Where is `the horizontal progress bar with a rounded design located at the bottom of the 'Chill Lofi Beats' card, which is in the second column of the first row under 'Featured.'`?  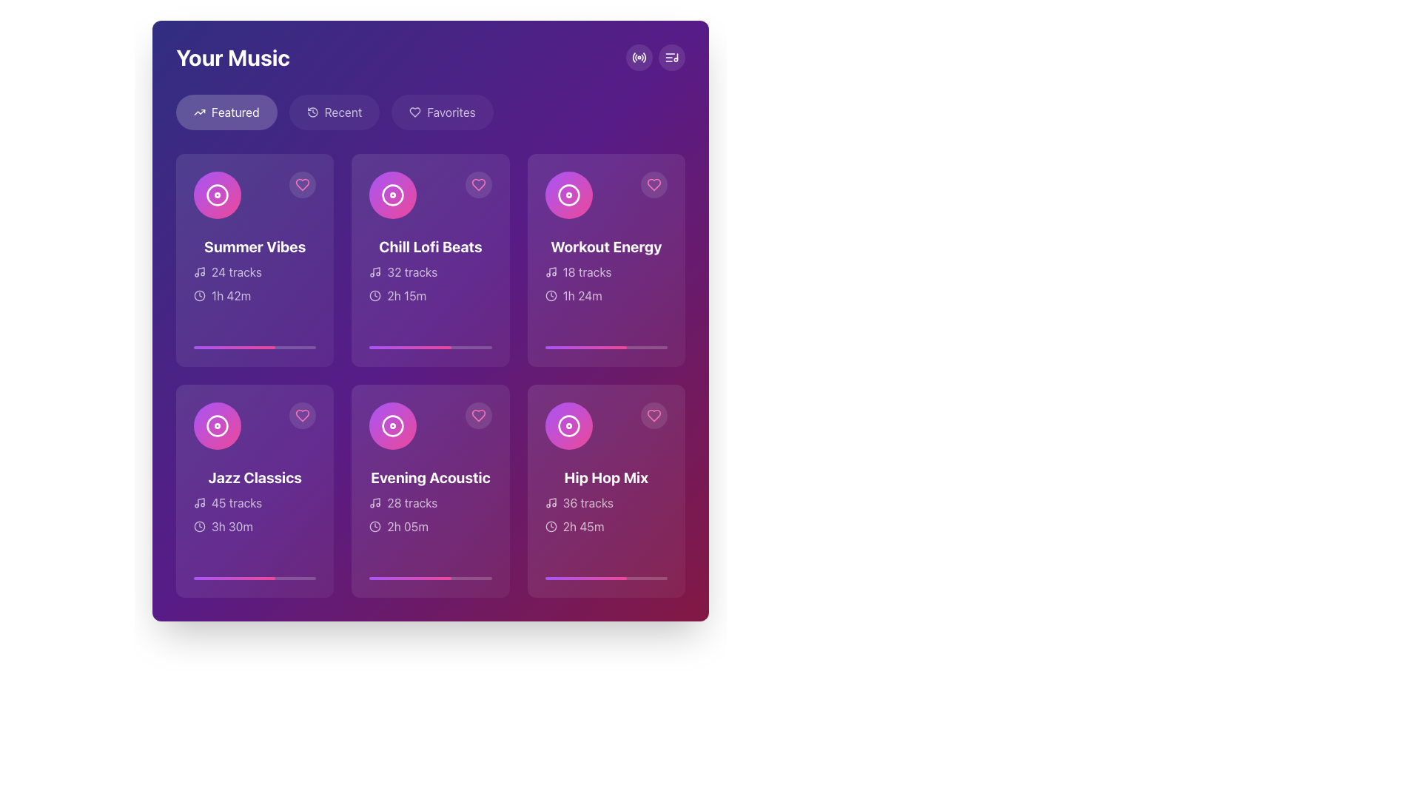 the horizontal progress bar with a rounded design located at the bottom of the 'Chill Lofi Beats' card, which is in the second column of the first row under 'Featured.' is located at coordinates (429, 348).